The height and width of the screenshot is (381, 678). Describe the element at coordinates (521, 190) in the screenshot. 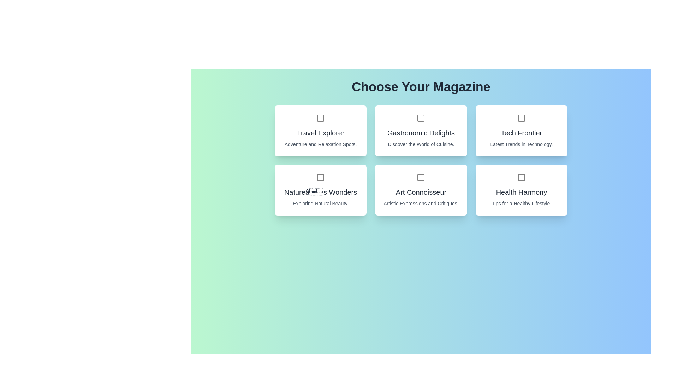

I see `the magazine card titled 'Health Harmony' to observe its hover effect` at that location.